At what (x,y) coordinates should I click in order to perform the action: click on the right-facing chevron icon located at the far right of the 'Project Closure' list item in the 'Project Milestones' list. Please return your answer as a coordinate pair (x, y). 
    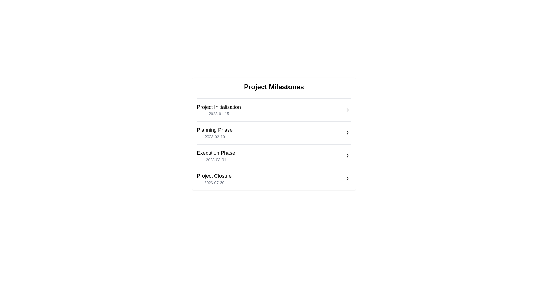
    Looking at the image, I should click on (347, 179).